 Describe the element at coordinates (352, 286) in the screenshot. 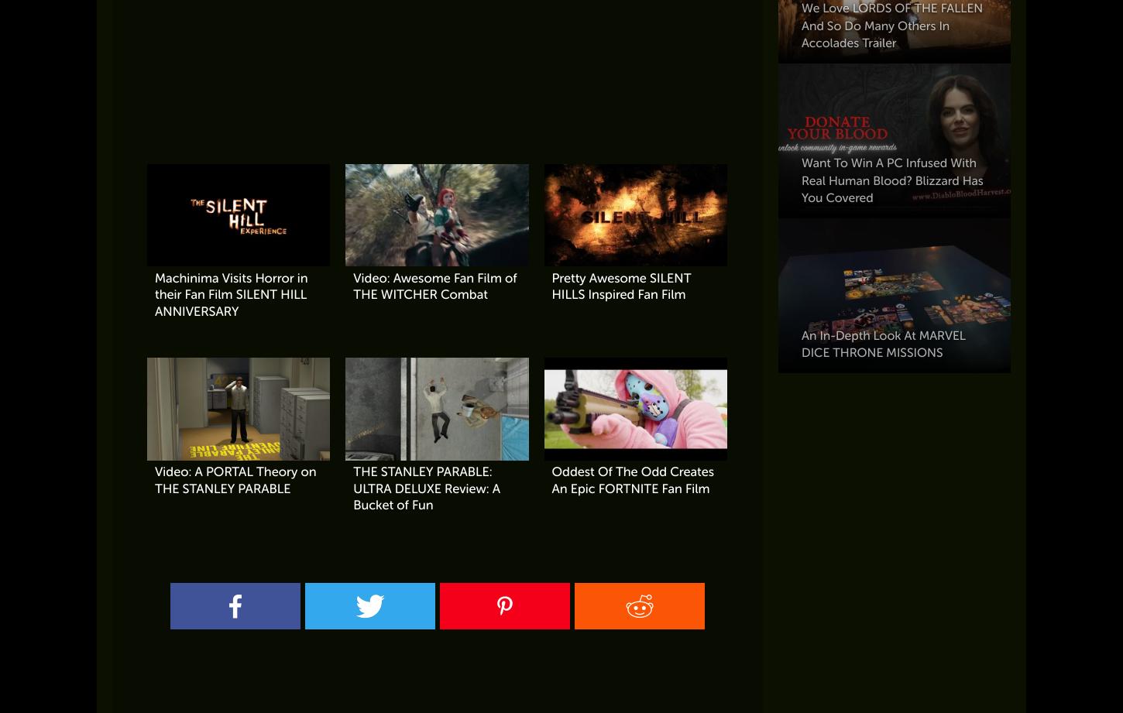

I see `'Video: Awesome Fan Film of THE WITCHER Combat'` at that location.